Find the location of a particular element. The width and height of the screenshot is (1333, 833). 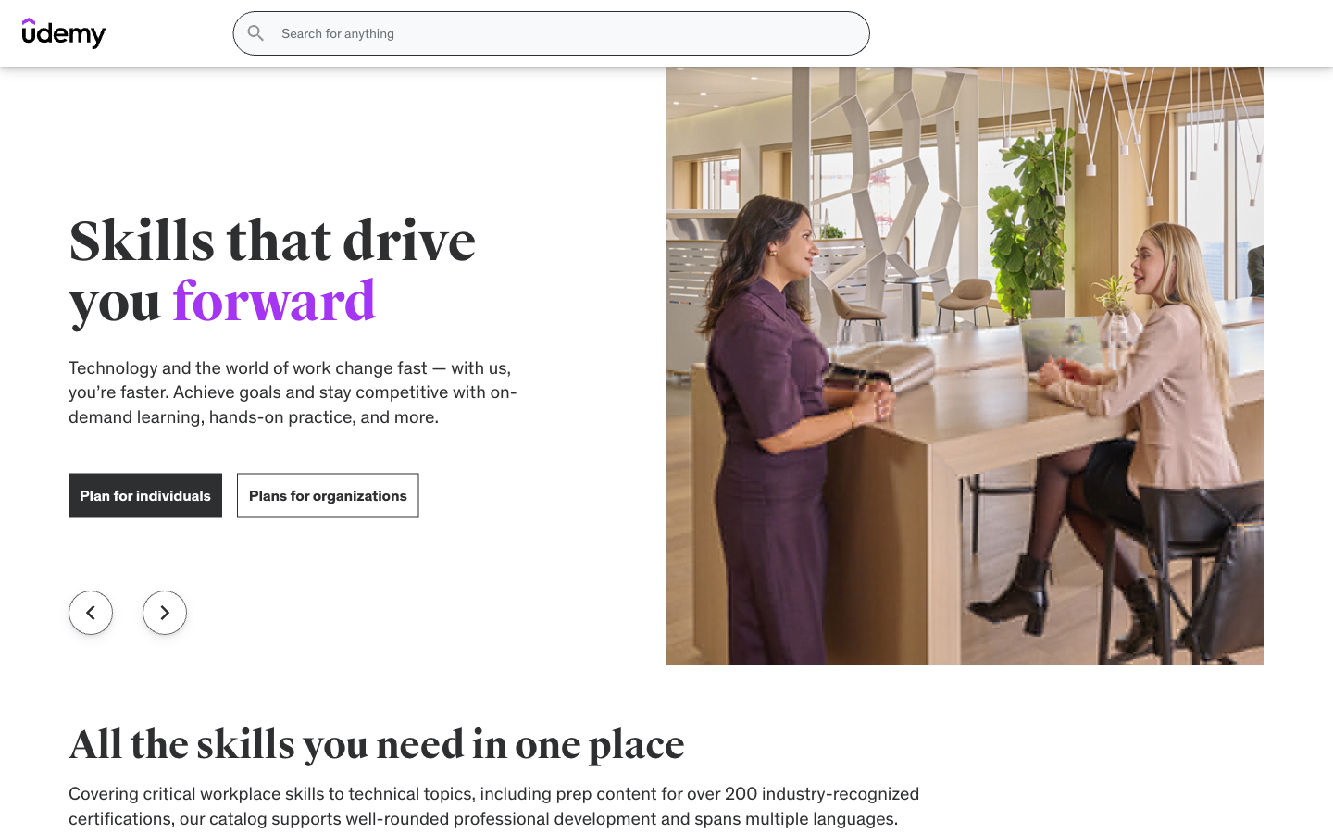

Have a look at details of Motorola RAZR+ is located at coordinates (1054, 773).